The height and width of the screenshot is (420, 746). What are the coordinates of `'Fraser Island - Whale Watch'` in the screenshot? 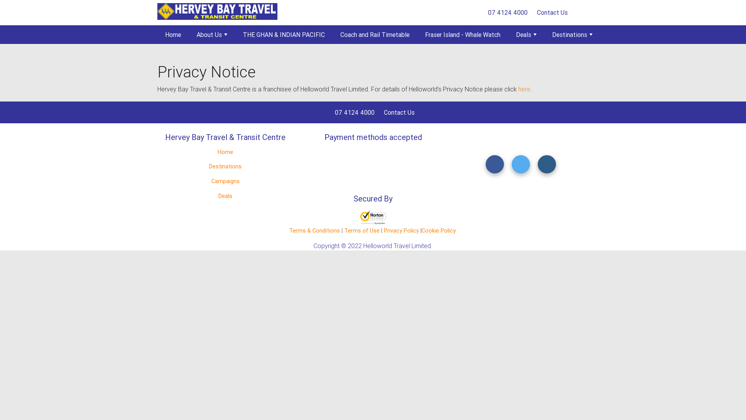 It's located at (462, 34).